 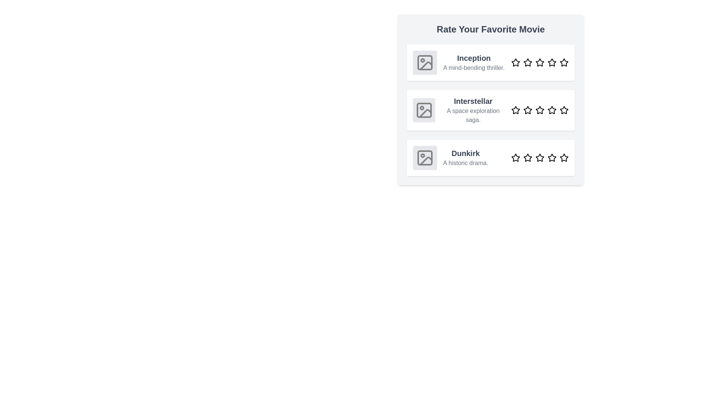 What do you see at coordinates (552, 157) in the screenshot?
I see `the fourth star icon` at bounding box center [552, 157].